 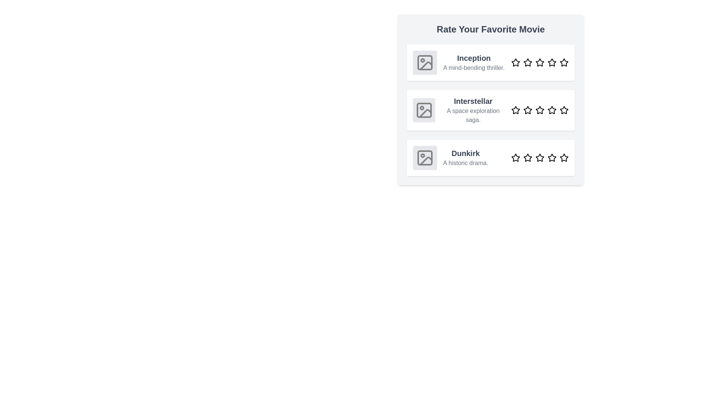 What do you see at coordinates (552, 157) in the screenshot?
I see `the fourth star icon` at bounding box center [552, 157].